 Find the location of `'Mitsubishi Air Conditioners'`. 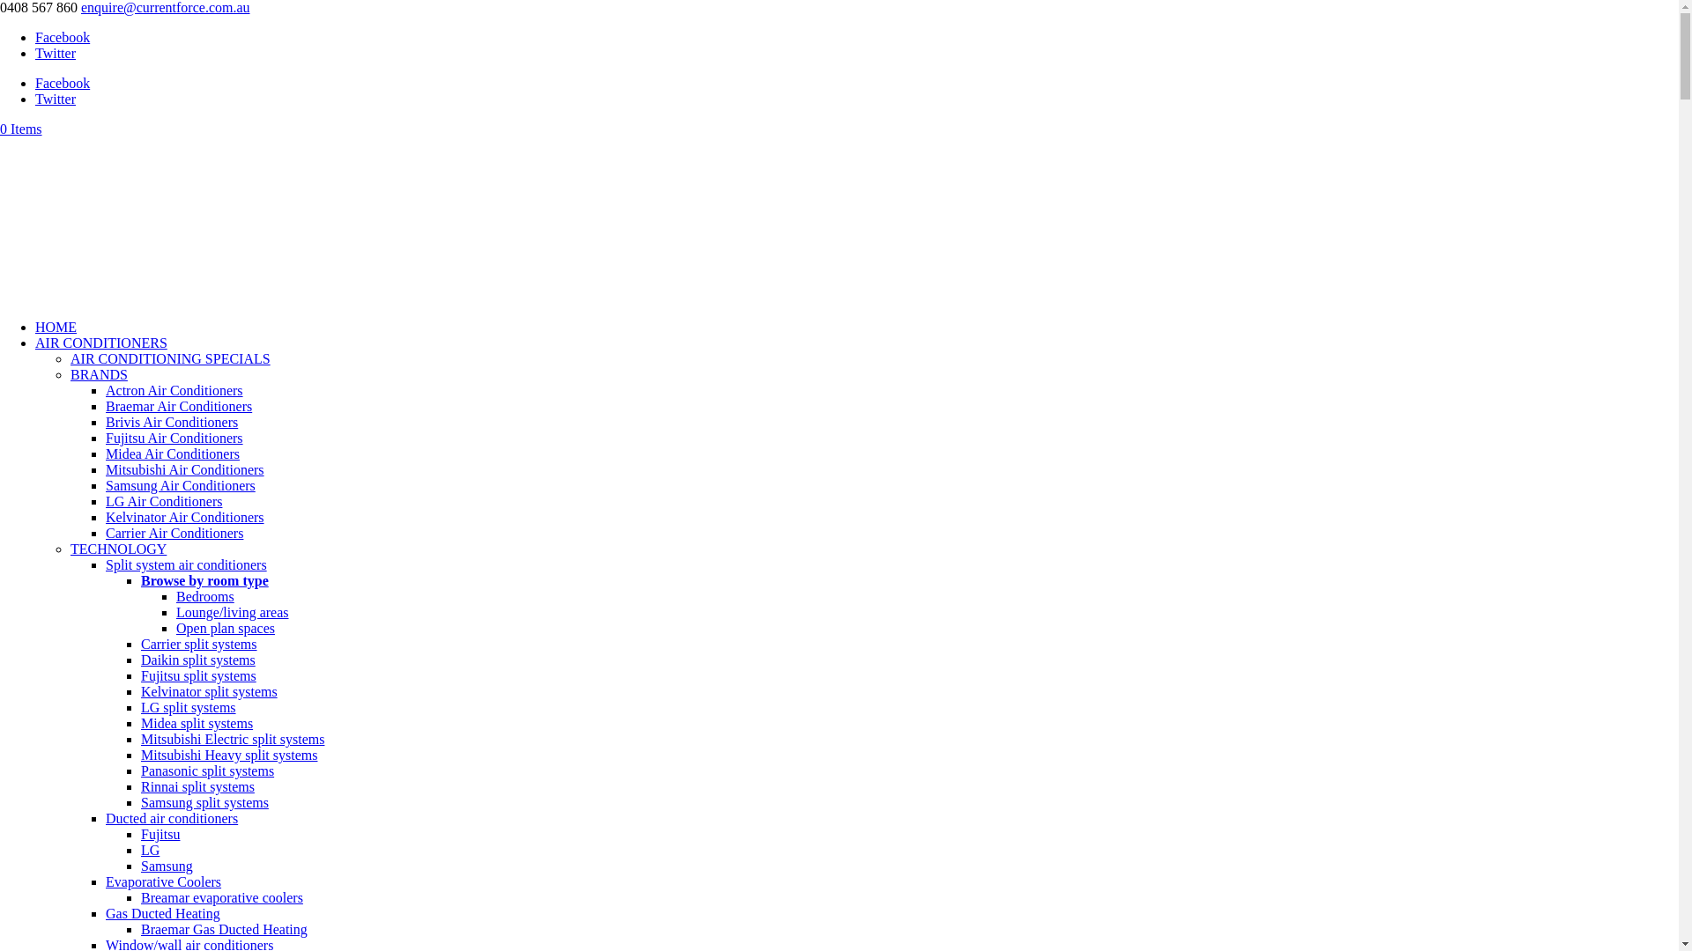

'Mitsubishi Air Conditioners' is located at coordinates (185, 468).